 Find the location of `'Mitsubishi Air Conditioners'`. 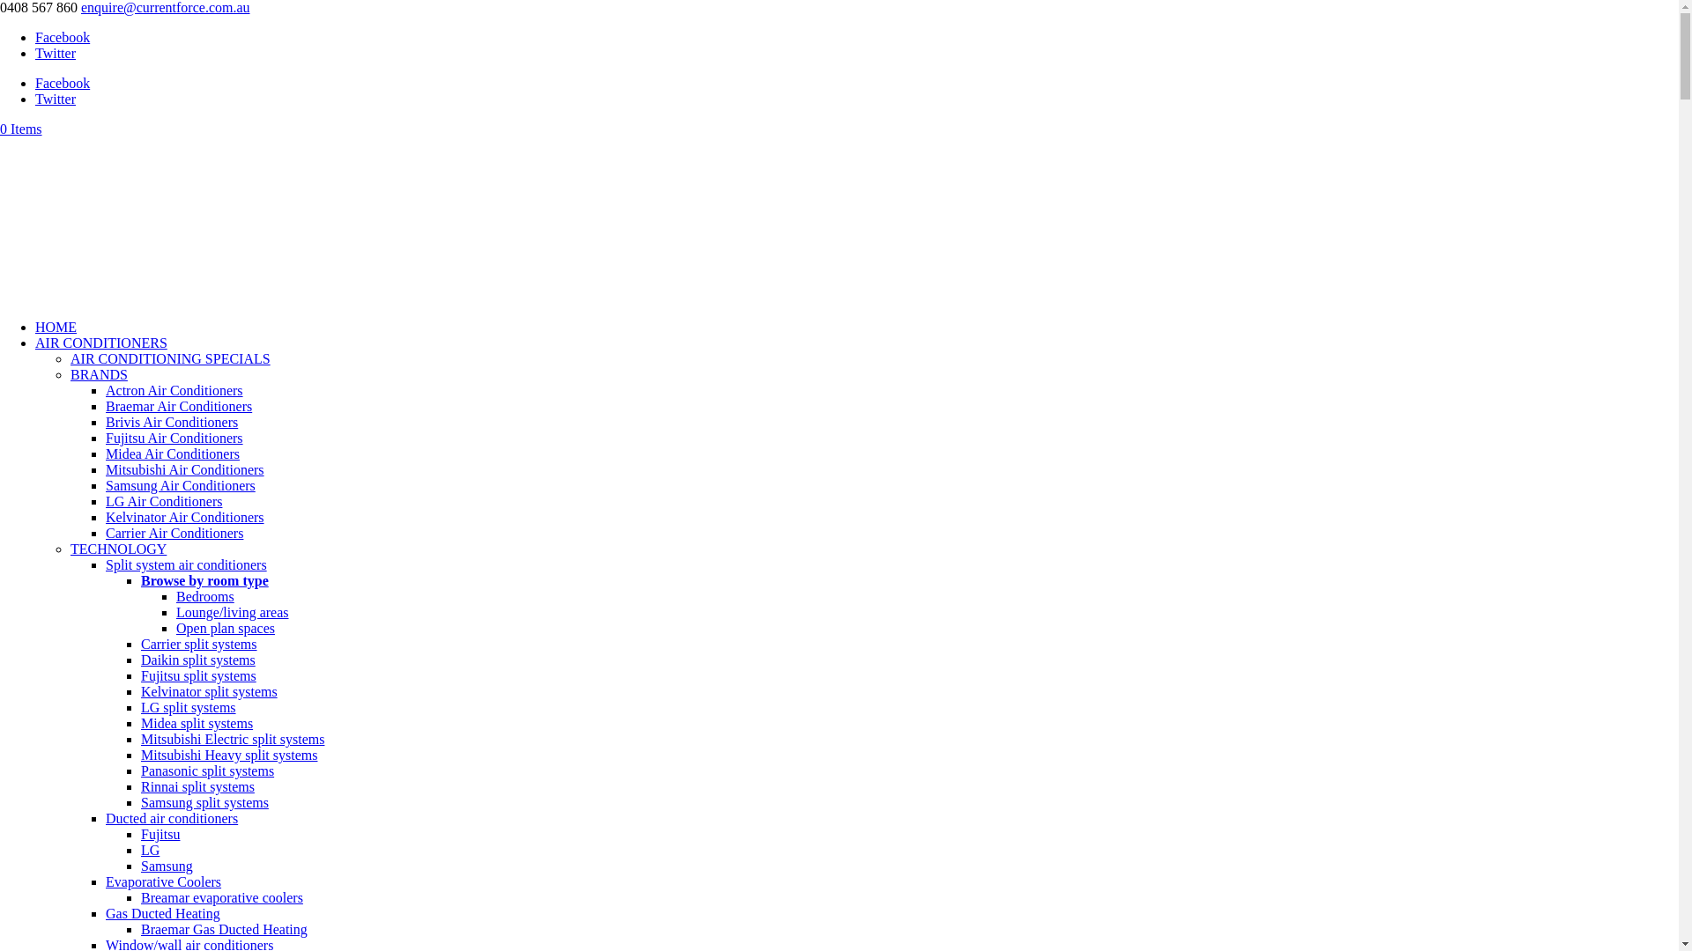

'Mitsubishi Air Conditioners' is located at coordinates (185, 468).